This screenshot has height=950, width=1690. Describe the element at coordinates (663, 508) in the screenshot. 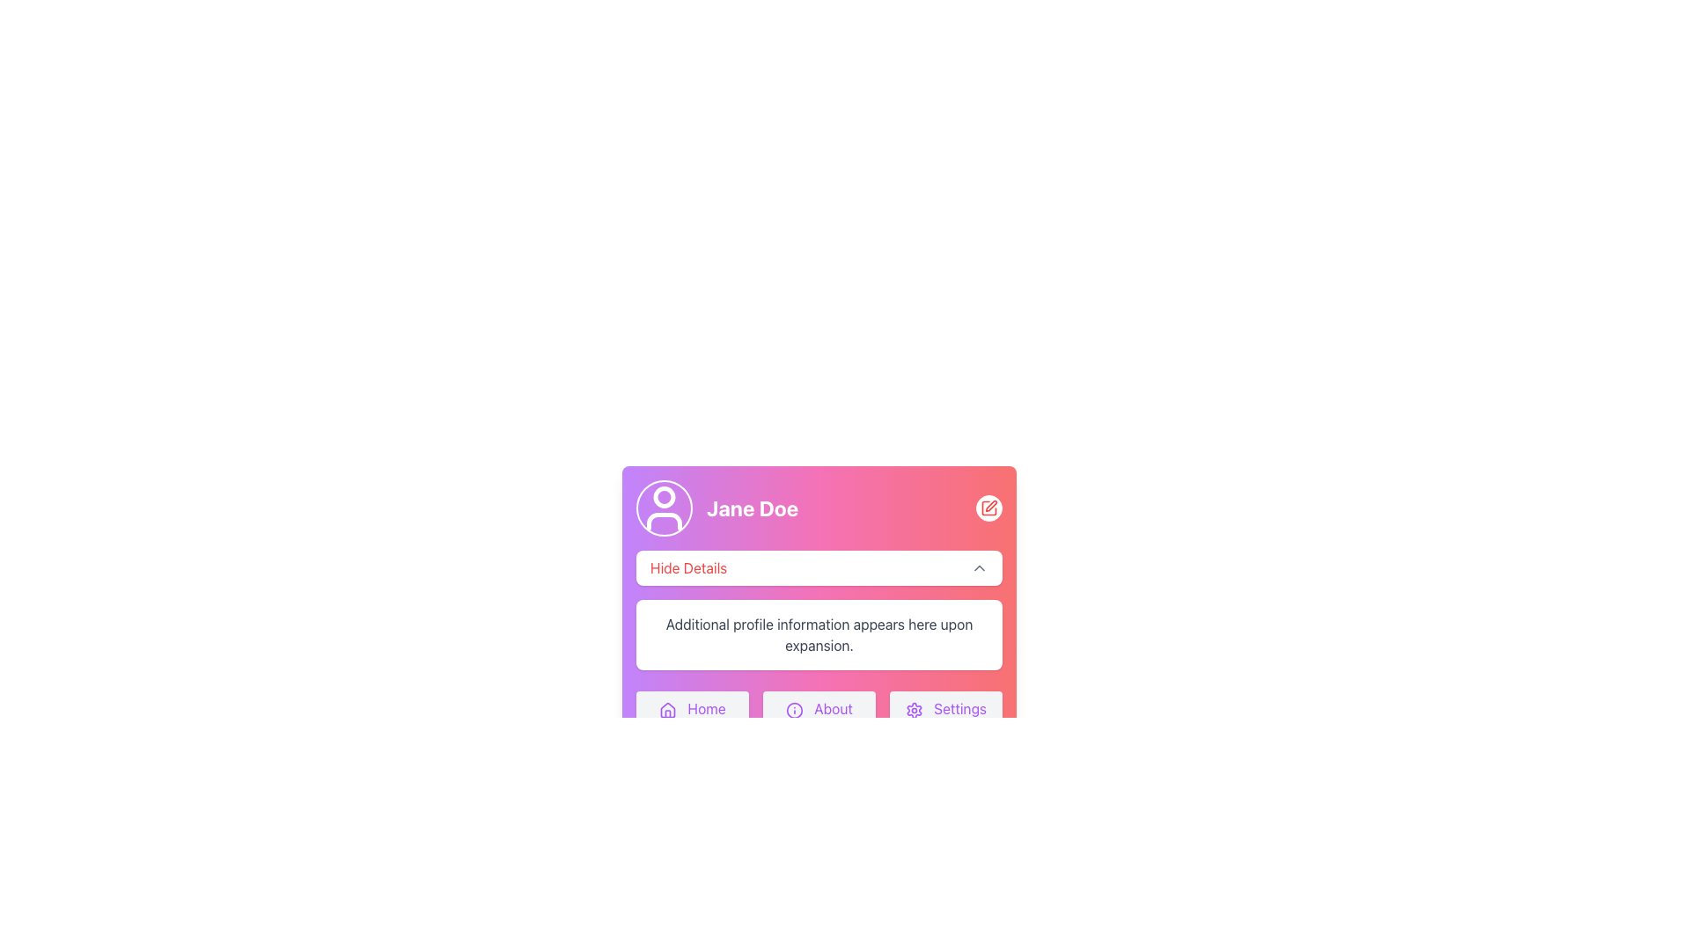

I see `the circular user avatar with a visible border and a white user icon in the center` at that location.